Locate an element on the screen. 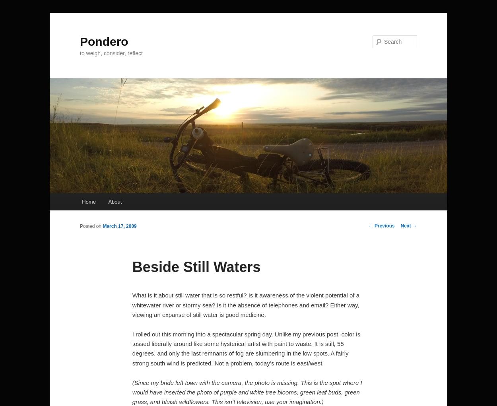 This screenshot has height=406, width=497. 'March 17, 2009' is located at coordinates (119, 225).